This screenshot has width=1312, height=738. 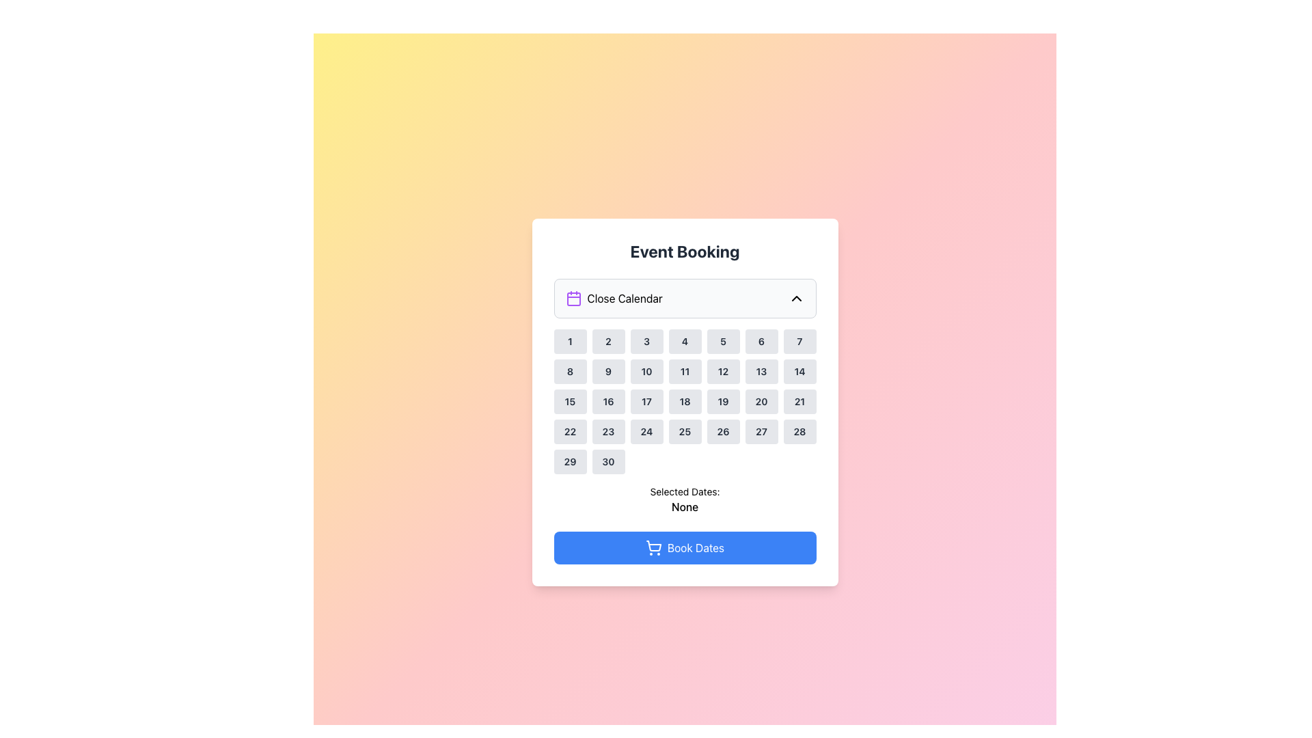 What do you see at coordinates (607, 400) in the screenshot?
I see `the button labeled '16' in the calendar interface` at bounding box center [607, 400].